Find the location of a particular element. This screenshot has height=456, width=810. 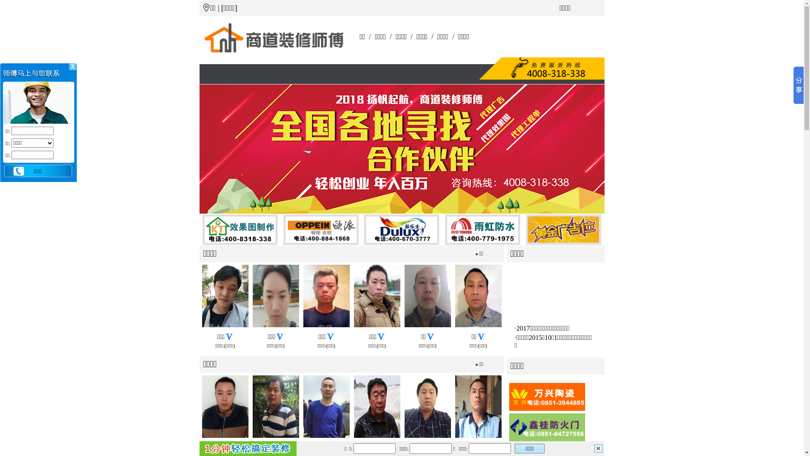

' X ' is located at coordinates (73, 66).